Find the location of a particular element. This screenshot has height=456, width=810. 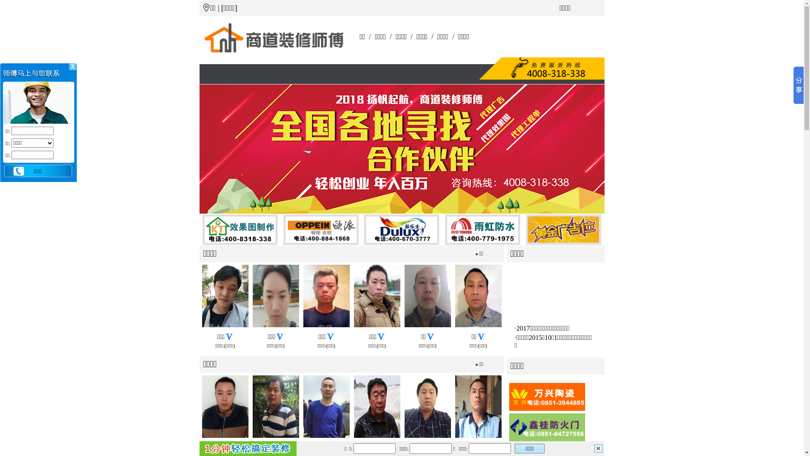

' X ' is located at coordinates (73, 66).